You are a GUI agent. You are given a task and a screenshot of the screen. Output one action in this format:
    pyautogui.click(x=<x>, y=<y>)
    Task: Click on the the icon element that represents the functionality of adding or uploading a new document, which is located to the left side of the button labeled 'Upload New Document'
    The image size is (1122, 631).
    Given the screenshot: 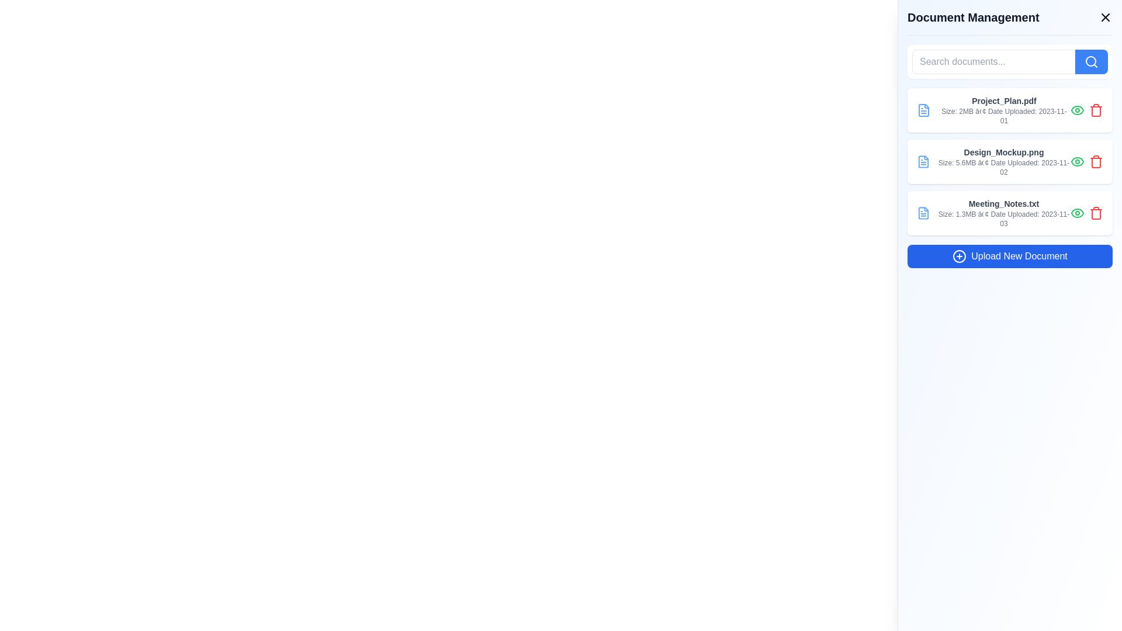 What is the action you would take?
    pyautogui.click(x=960, y=256)
    